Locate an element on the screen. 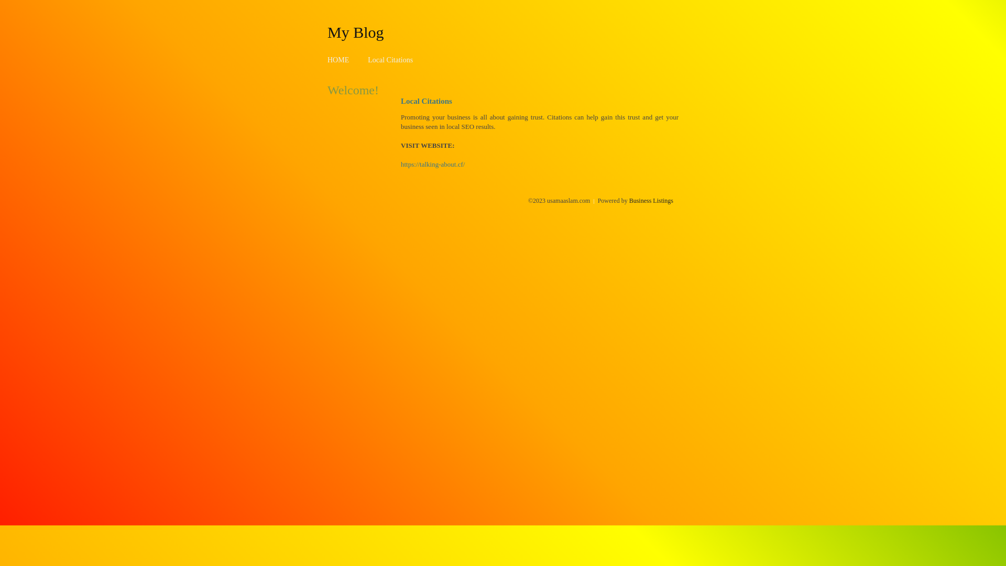  'https://talking-about.cf/' is located at coordinates (432, 164).